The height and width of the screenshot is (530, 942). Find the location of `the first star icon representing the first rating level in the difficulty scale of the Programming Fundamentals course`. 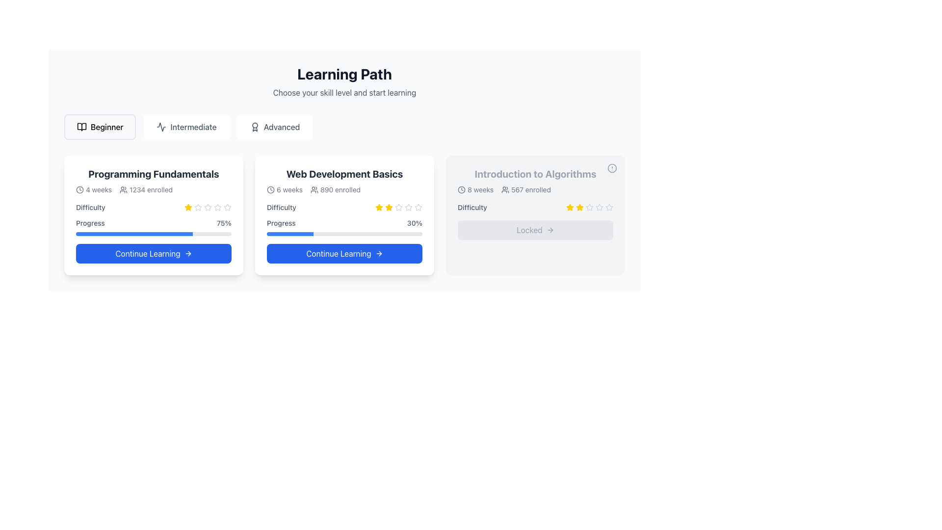

the first star icon representing the first rating level in the difficulty scale of the Programming Fundamentals course is located at coordinates (188, 207).